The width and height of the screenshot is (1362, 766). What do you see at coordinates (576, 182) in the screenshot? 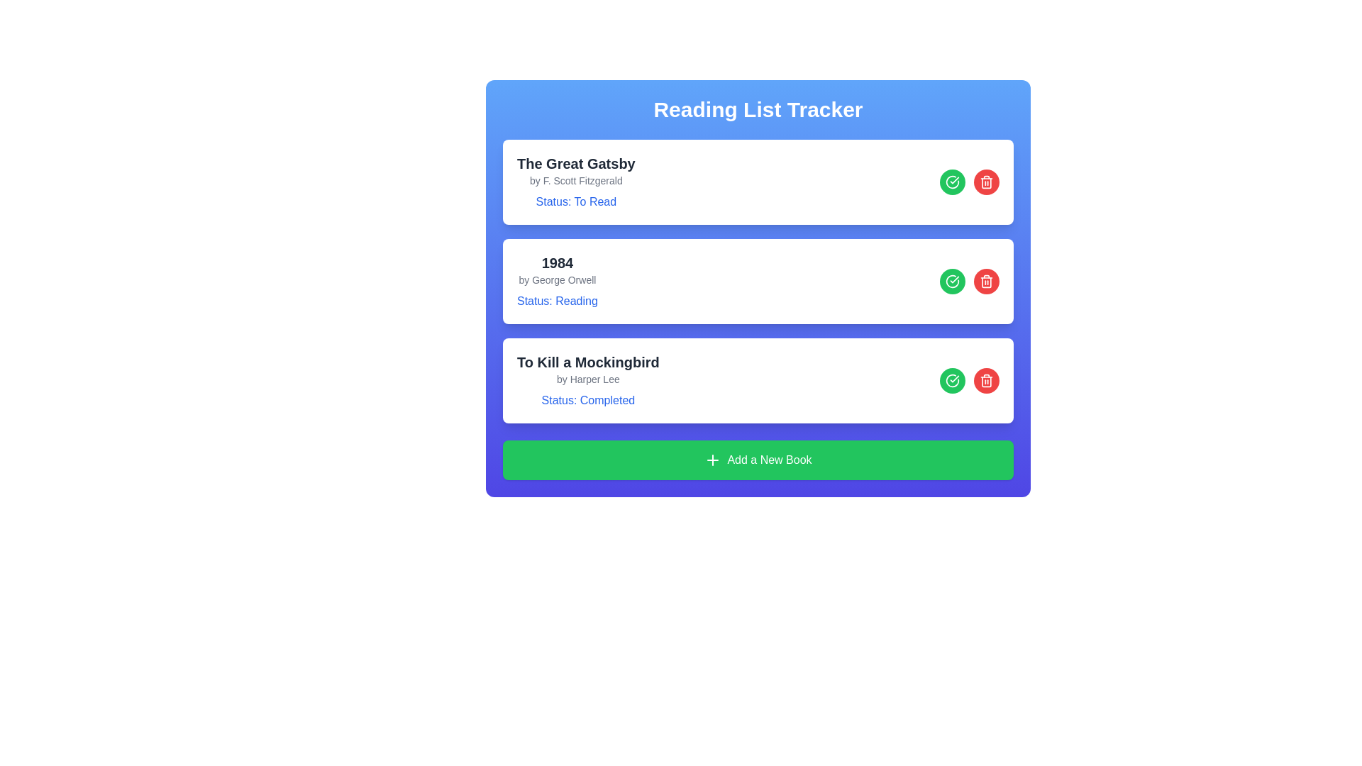
I see `the text block displaying the title, author, and reading status of the first book entry in the reading list interface, located below 'Reading List Tracker' and above the entry for '1984'` at bounding box center [576, 182].